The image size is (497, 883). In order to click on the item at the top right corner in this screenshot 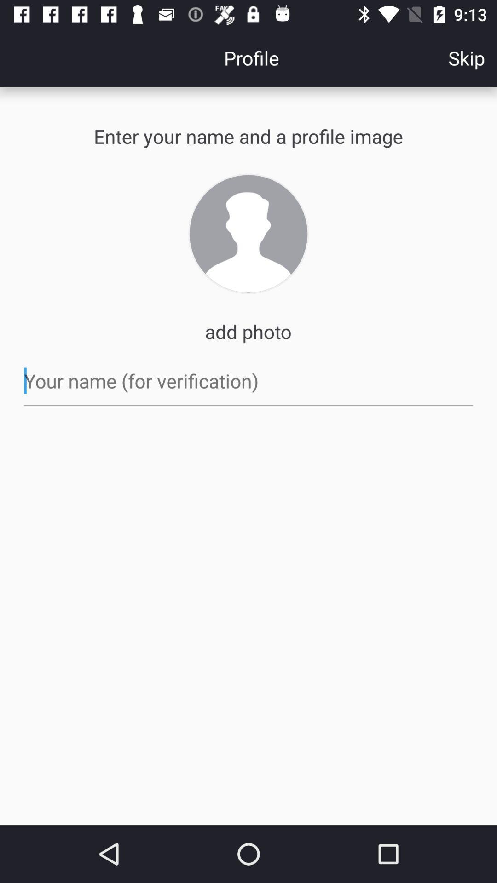, I will do `click(467, 57)`.